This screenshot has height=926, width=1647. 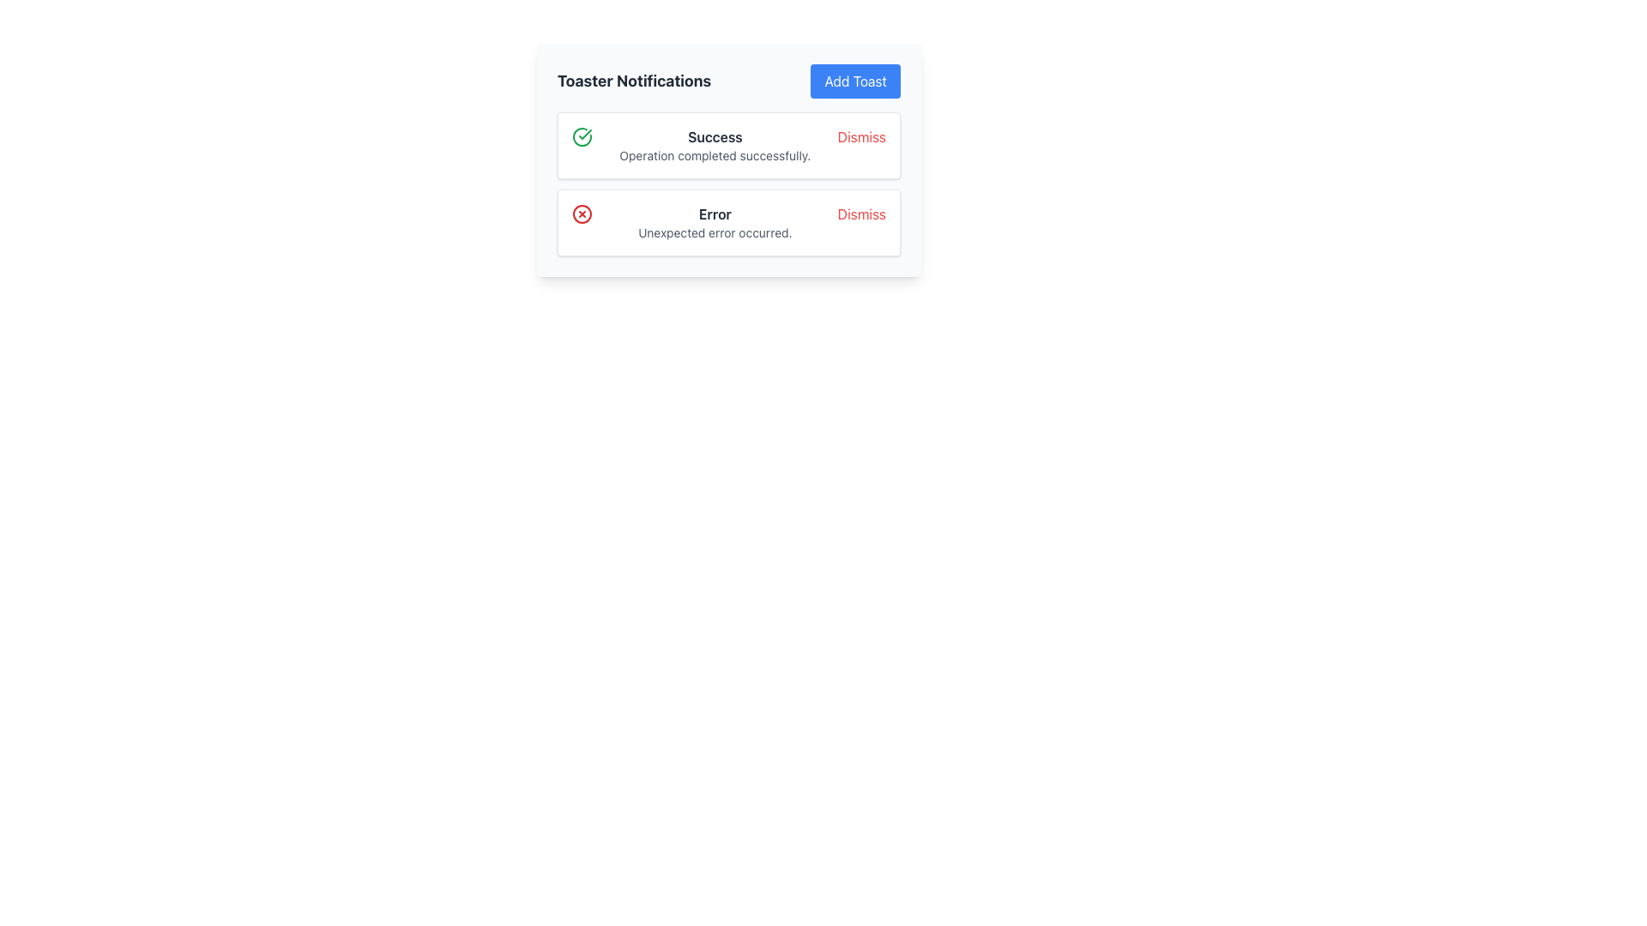 What do you see at coordinates (715, 233) in the screenshot?
I see `the text label displaying 'Unexpected error occurred.' which is located beneath the bolded 'Error' label in the notification card` at bounding box center [715, 233].